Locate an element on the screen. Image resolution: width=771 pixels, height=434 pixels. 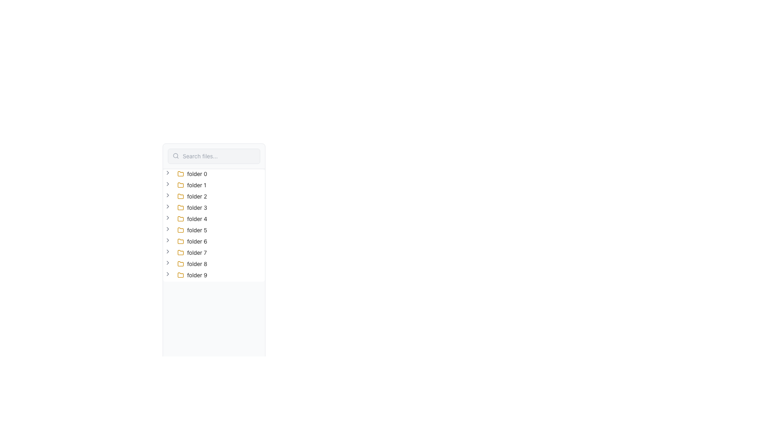
the second item in the collapsible tree node list, located below 'folder 0' and above 'folder 2' is located at coordinates (186, 185).